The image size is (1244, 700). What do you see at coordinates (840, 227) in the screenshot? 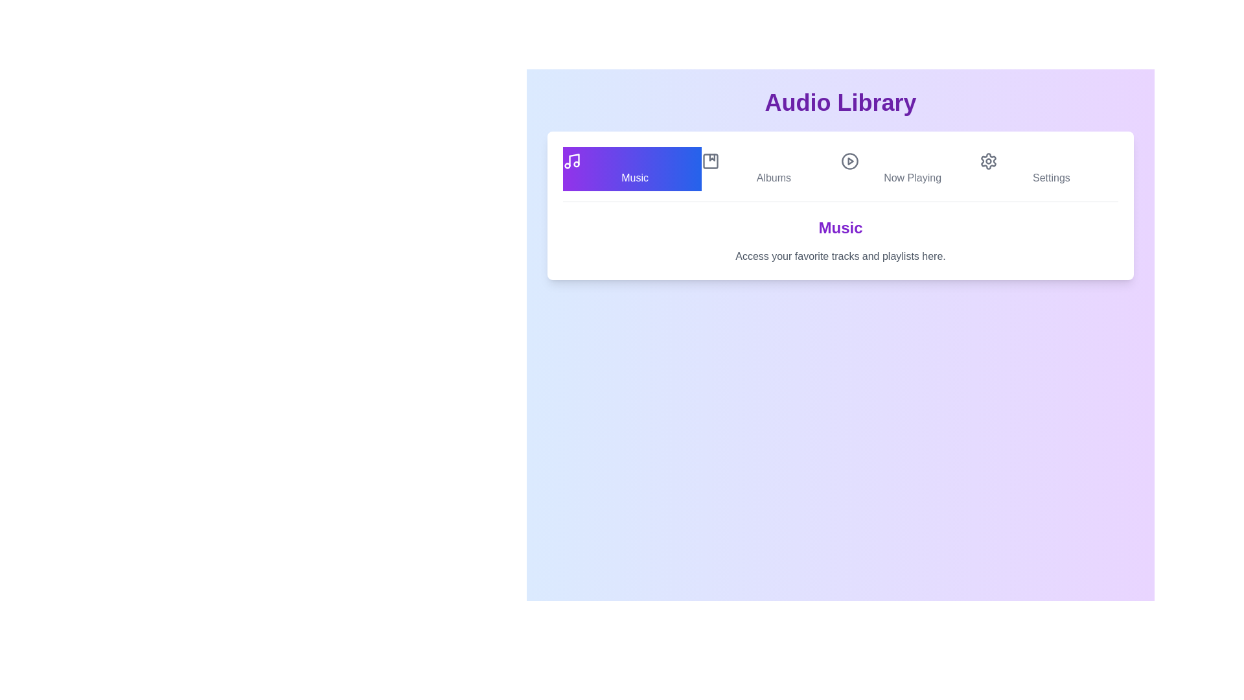
I see `the bold, centered text displaying 'Music' in a large purple font, which is positioned beneath the navigation menu's 'Music' section` at bounding box center [840, 227].